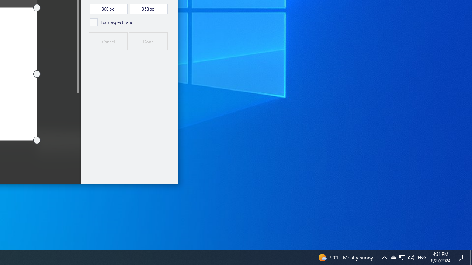  Describe the element at coordinates (108, 9) in the screenshot. I see `'Width,, pixels'` at that location.